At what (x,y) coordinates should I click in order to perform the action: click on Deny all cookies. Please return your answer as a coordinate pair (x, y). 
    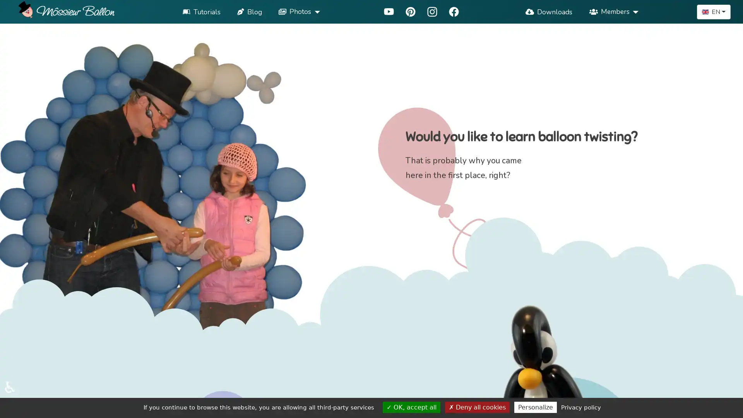
    Looking at the image, I should click on (477, 407).